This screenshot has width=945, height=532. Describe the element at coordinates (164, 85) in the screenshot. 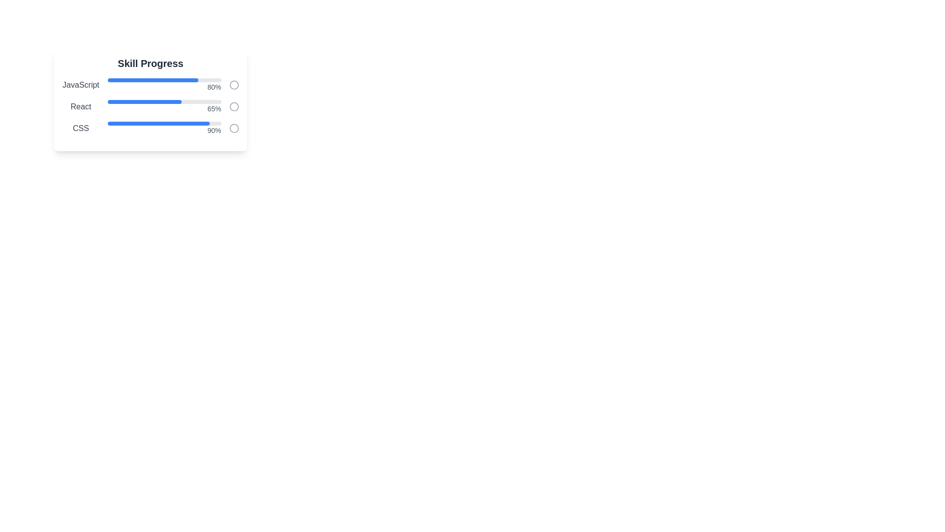

I see `the progress indicator representing the proficiency level of the 'JavaScript' skill, which shows an '80%' percentage label` at that location.